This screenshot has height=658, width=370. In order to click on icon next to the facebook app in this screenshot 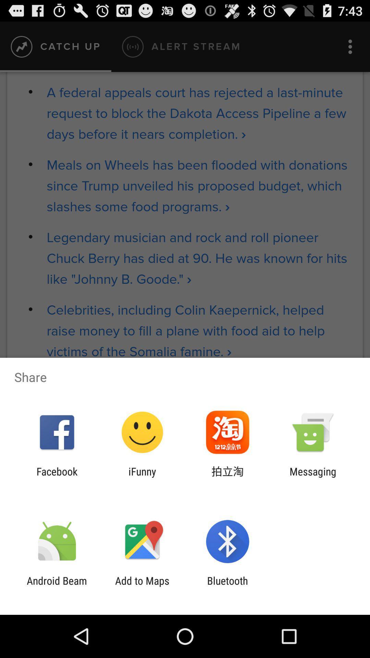, I will do `click(142, 477)`.